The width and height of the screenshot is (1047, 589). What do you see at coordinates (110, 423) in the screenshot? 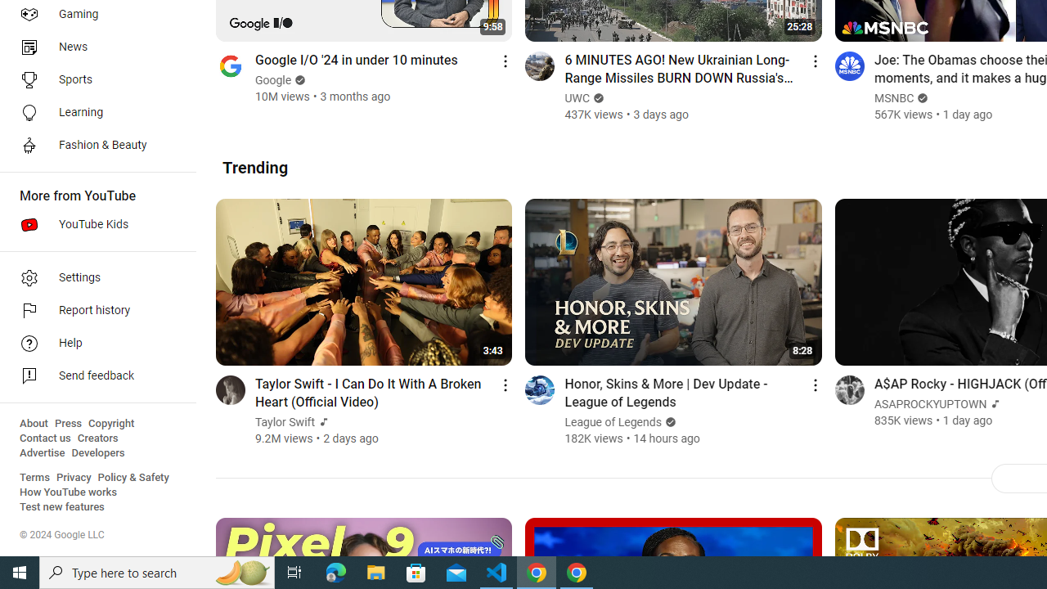
I see `'Copyright'` at bounding box center [110, 423].